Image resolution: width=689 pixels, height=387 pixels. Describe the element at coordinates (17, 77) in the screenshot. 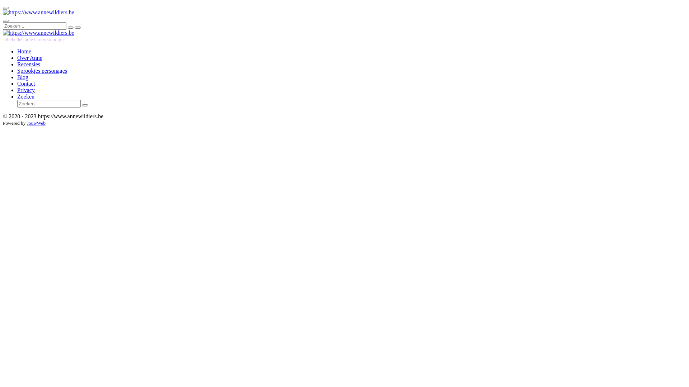

I see `'Blog'` at that location.